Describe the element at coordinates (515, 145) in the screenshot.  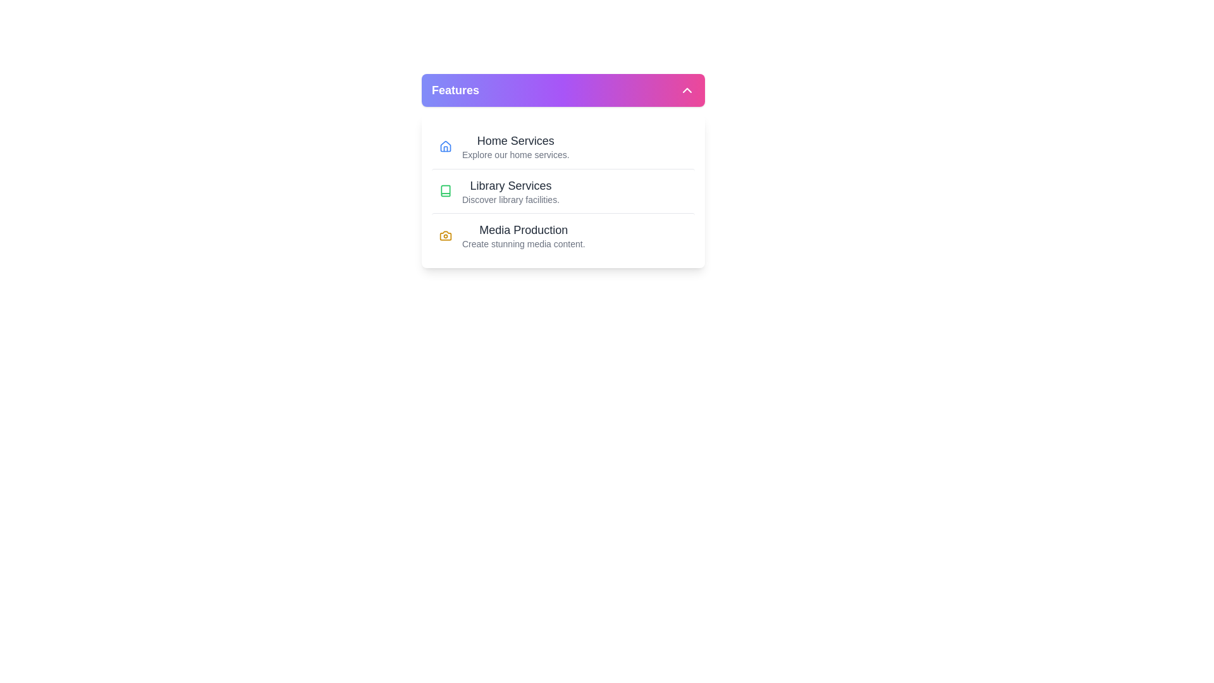
I see `to select the 'Home Services' list item, which features the text 'Home Services' in gray and a house icon on the left, located at the top of the features list` at that location.